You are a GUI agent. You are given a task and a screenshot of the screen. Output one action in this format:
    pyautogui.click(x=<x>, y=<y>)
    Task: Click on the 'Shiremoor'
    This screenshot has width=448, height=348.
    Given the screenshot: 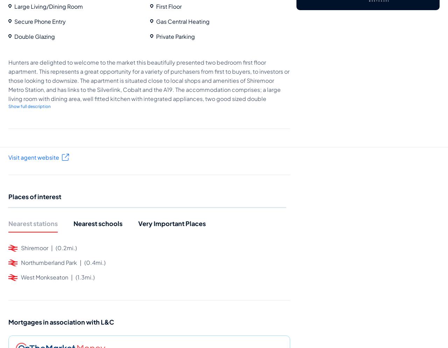 What is the action you would take?
    pyautogui.click(x=34, y=247)
    